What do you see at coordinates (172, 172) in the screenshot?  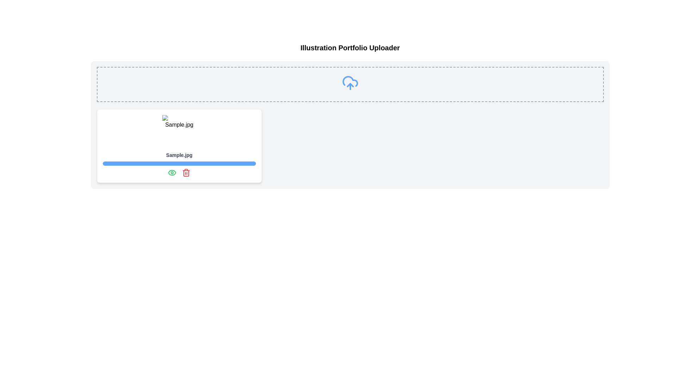 I see `the green eye-shaped icon with a circular pupil` at bounding box center [172, 172].